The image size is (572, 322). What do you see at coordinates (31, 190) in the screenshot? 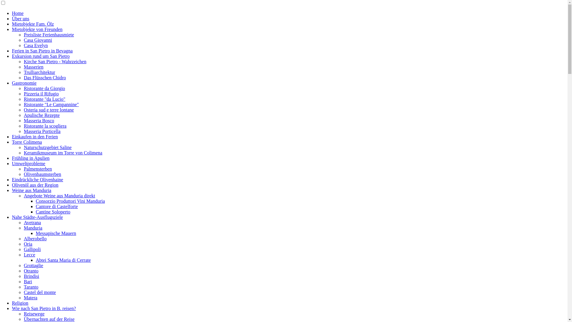
I see `'Weine aus Manduria'` at bounding box center [31, 190].